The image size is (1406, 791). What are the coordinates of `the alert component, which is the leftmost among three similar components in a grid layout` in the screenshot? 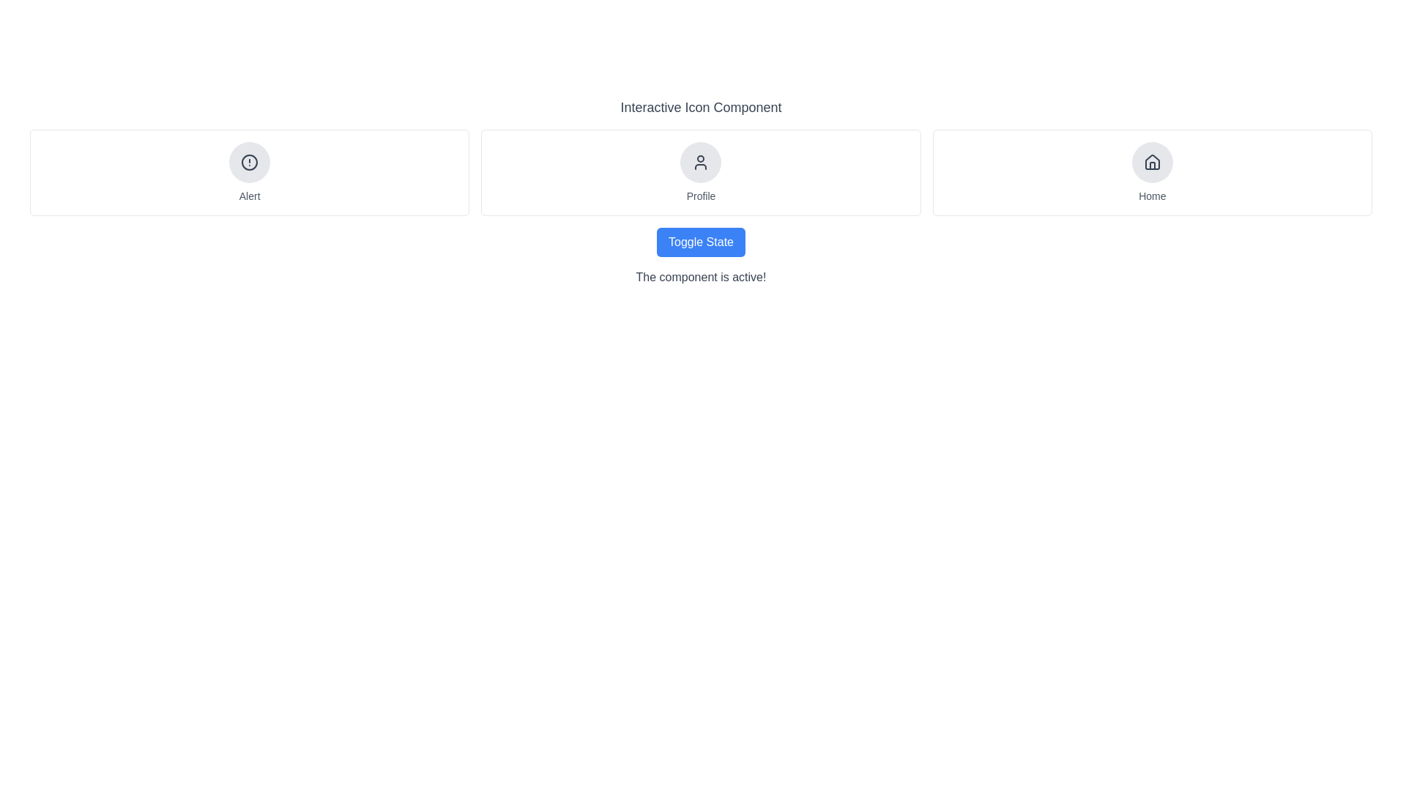 It's located at (250, 171).